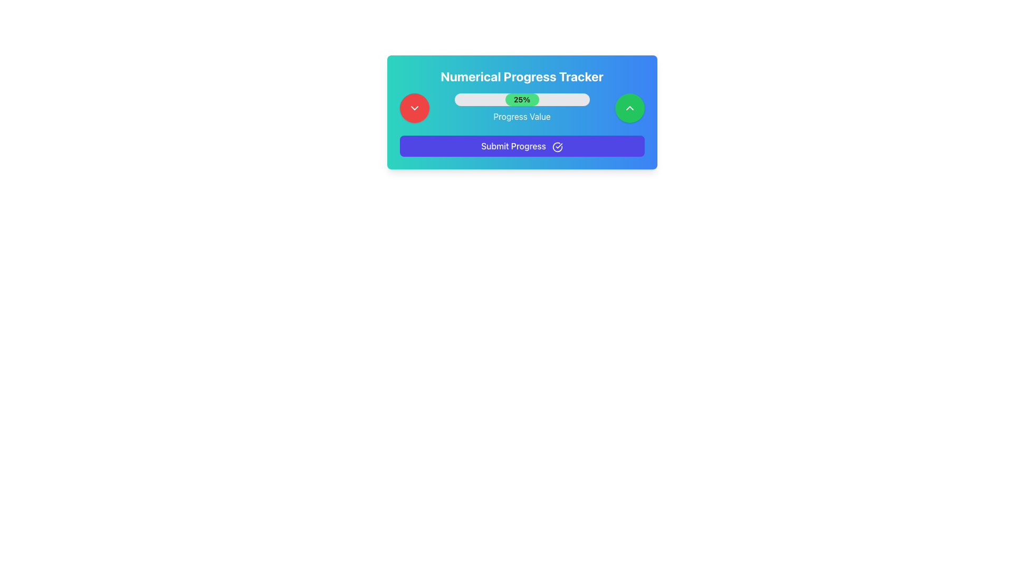  What do you see at coordinates (414, 108) in the screenshot?
I see `the downwards-facing chevron arrow icon with a red circular background located on the left-hand side of the interface` at bounding box center [414, 108].